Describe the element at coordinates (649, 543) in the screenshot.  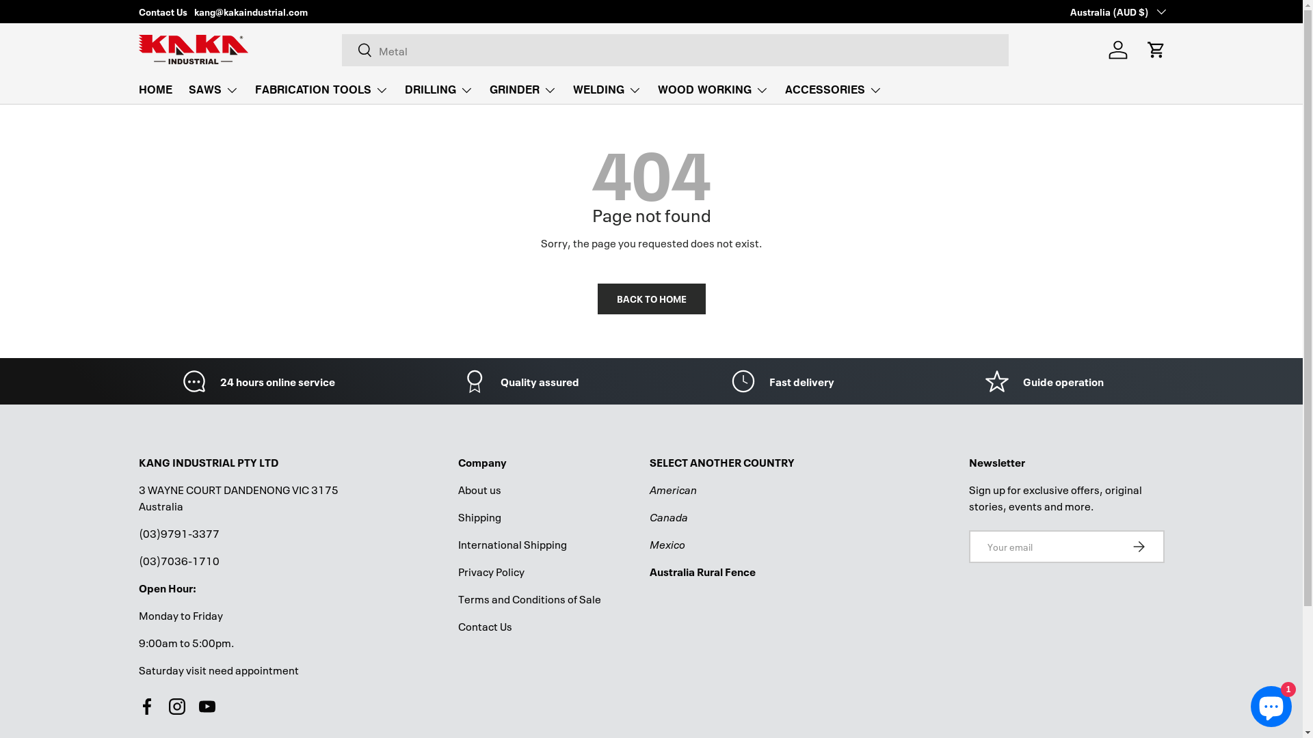
I see `'Mexico'` at that location.